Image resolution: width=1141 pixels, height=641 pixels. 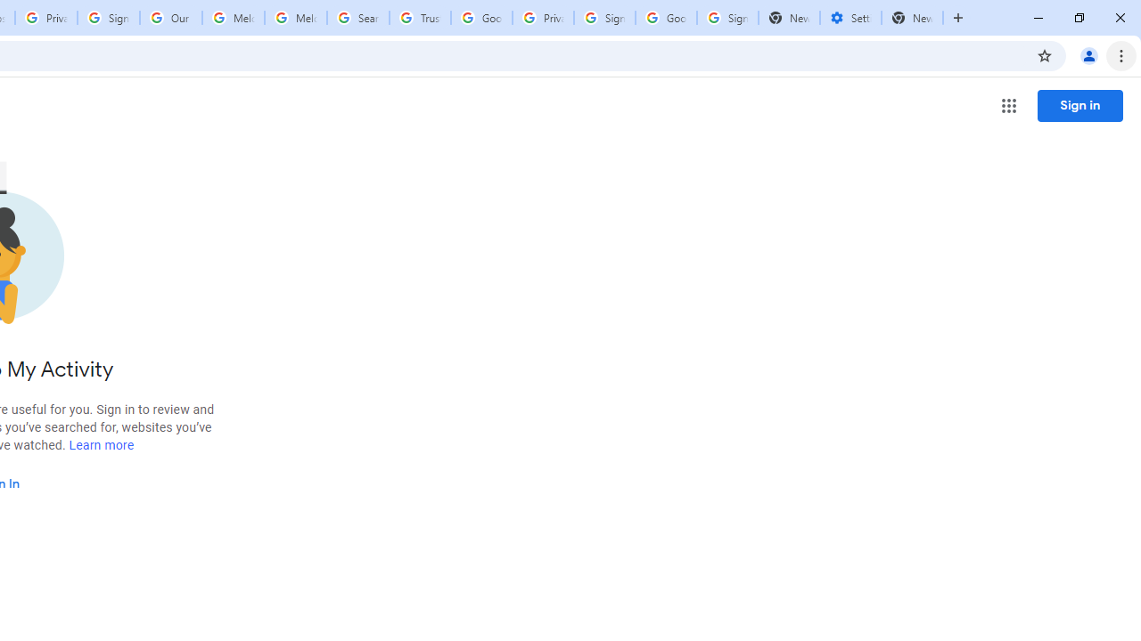 I want to click on 'Google Cybersecurity Innovations - Google Safety Center', so click(x=665, y=18).